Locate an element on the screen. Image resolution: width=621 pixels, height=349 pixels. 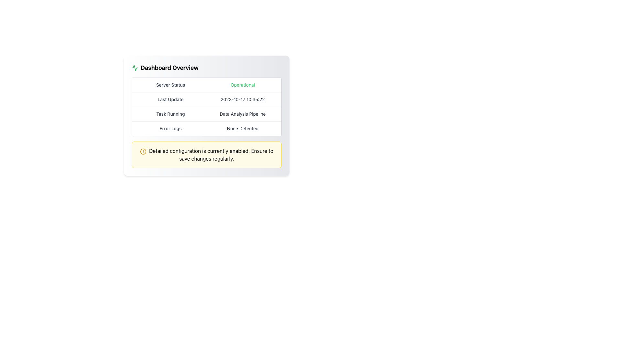
the text label displaying 'Operational' styled in a small green font, located in the second column of the first row of the 'Dashboard Overview' panel is located at coordinates (242, 84).